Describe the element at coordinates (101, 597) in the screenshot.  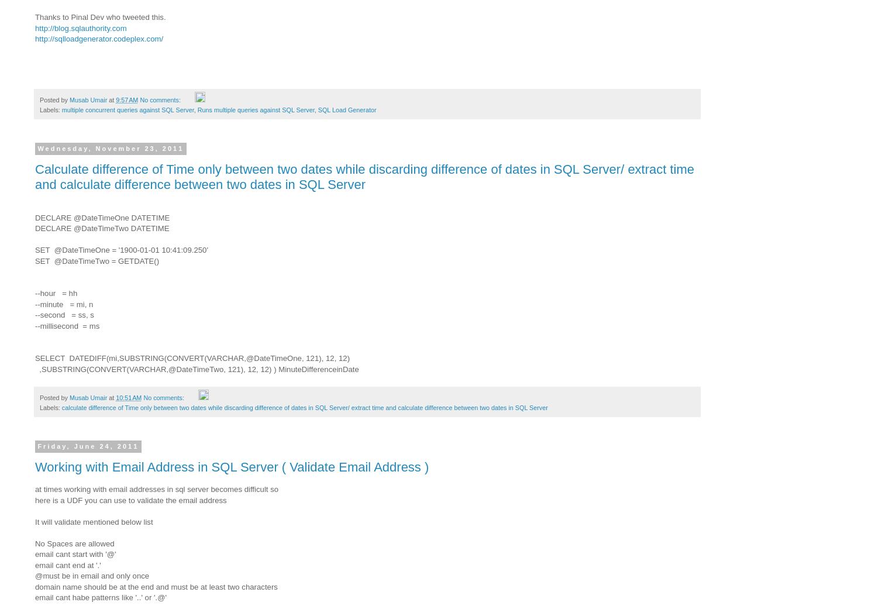
I see `'email cant habe patterns like '..' or '.@''` at that location.